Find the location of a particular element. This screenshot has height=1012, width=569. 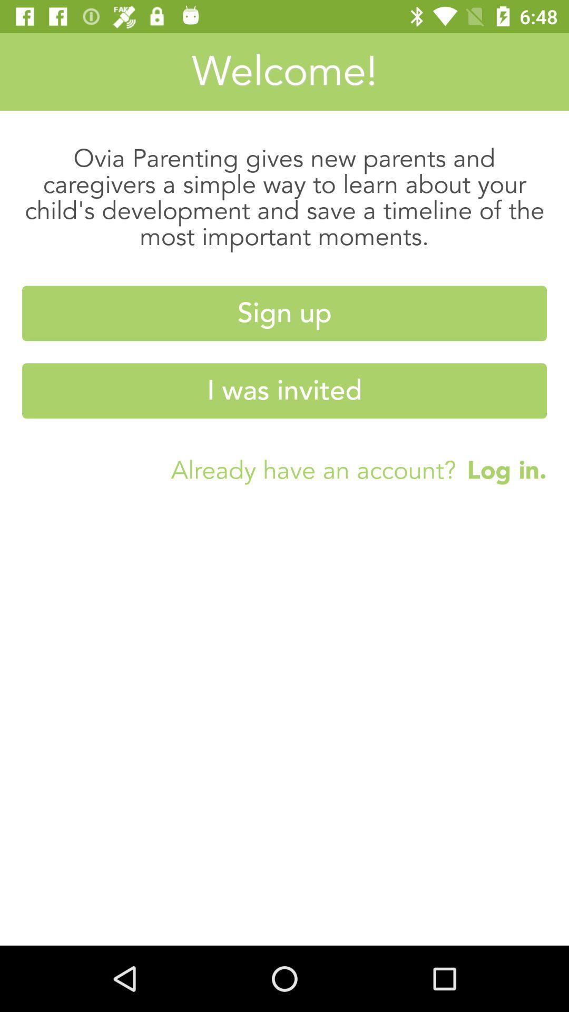

sign up is located at coordinates (284, 313).